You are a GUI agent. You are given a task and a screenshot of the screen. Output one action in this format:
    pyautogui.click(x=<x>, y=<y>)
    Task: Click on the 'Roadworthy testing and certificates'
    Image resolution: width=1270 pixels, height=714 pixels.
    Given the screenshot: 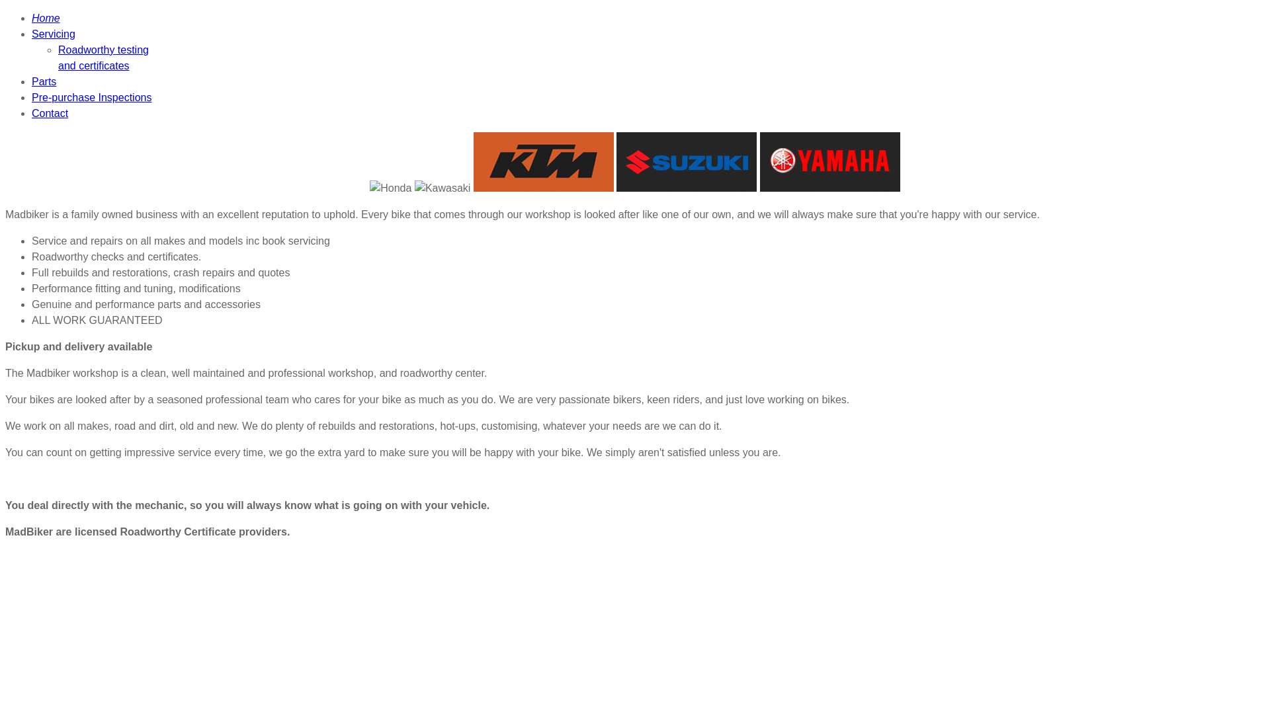 What is the action you would take?
    pyautogui.click(x=103, y=57)
    